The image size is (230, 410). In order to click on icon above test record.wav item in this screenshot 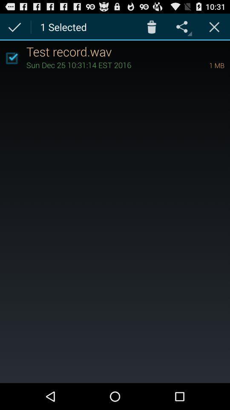, I will do `click(214, 26)`.